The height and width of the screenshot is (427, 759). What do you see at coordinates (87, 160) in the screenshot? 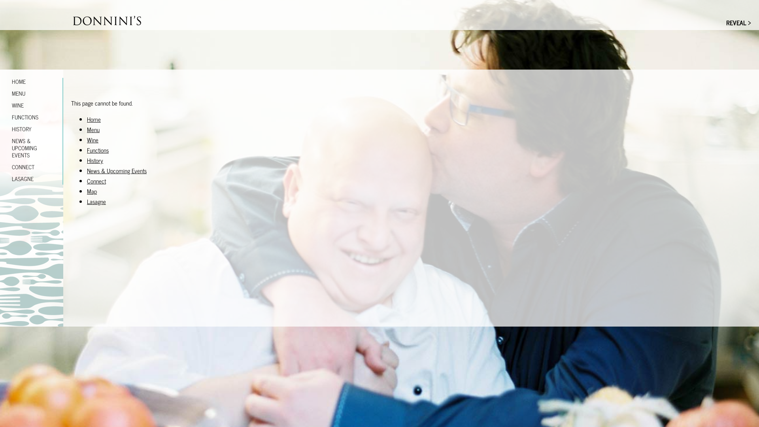
I see `'History'` at bounding box center [87, 160].